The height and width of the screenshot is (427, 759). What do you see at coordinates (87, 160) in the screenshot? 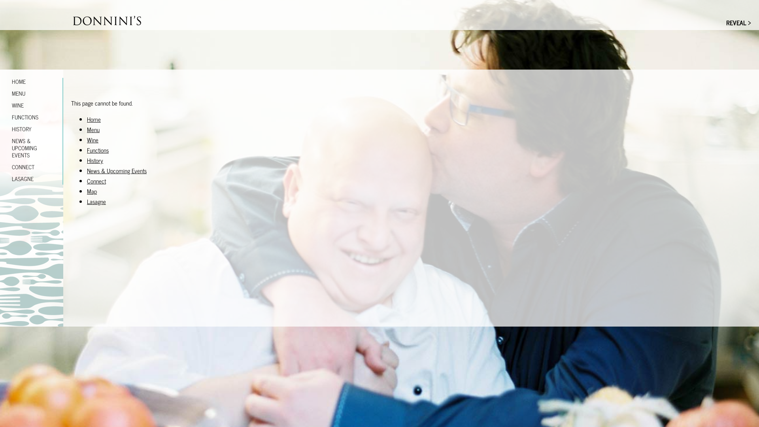
I see `'History'` at bounding box center [87, 160].